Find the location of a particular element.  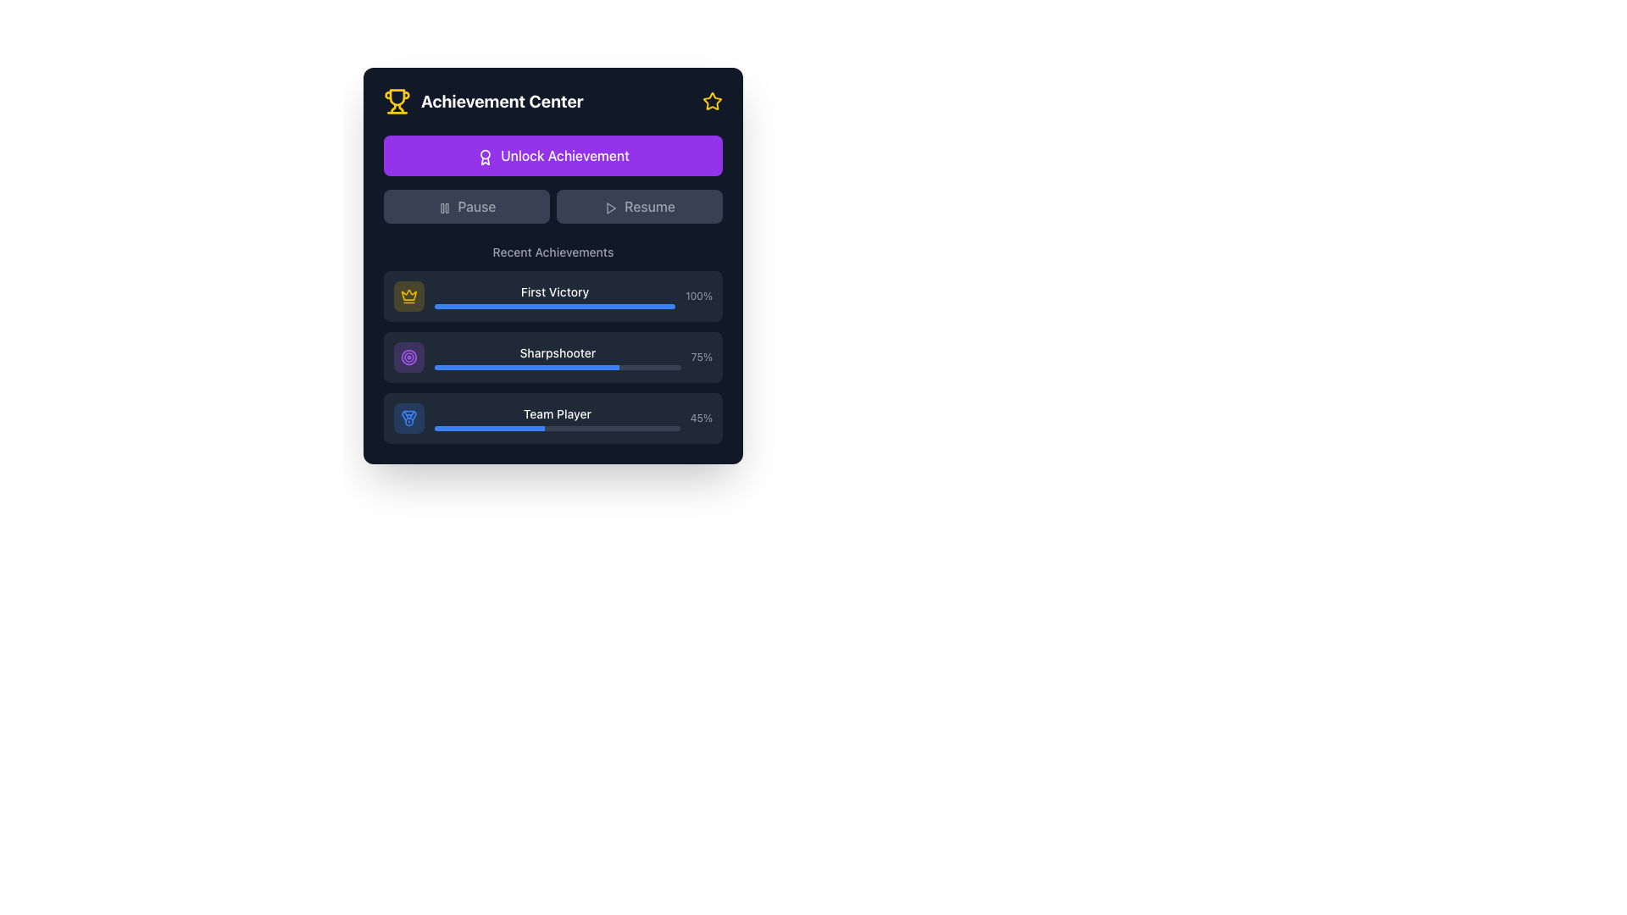

the text label reading 'First Victory' which is styled with white text on a dark background and is located near the top section of the 'Recent Achievements' list is located at coordinates (555, 291).